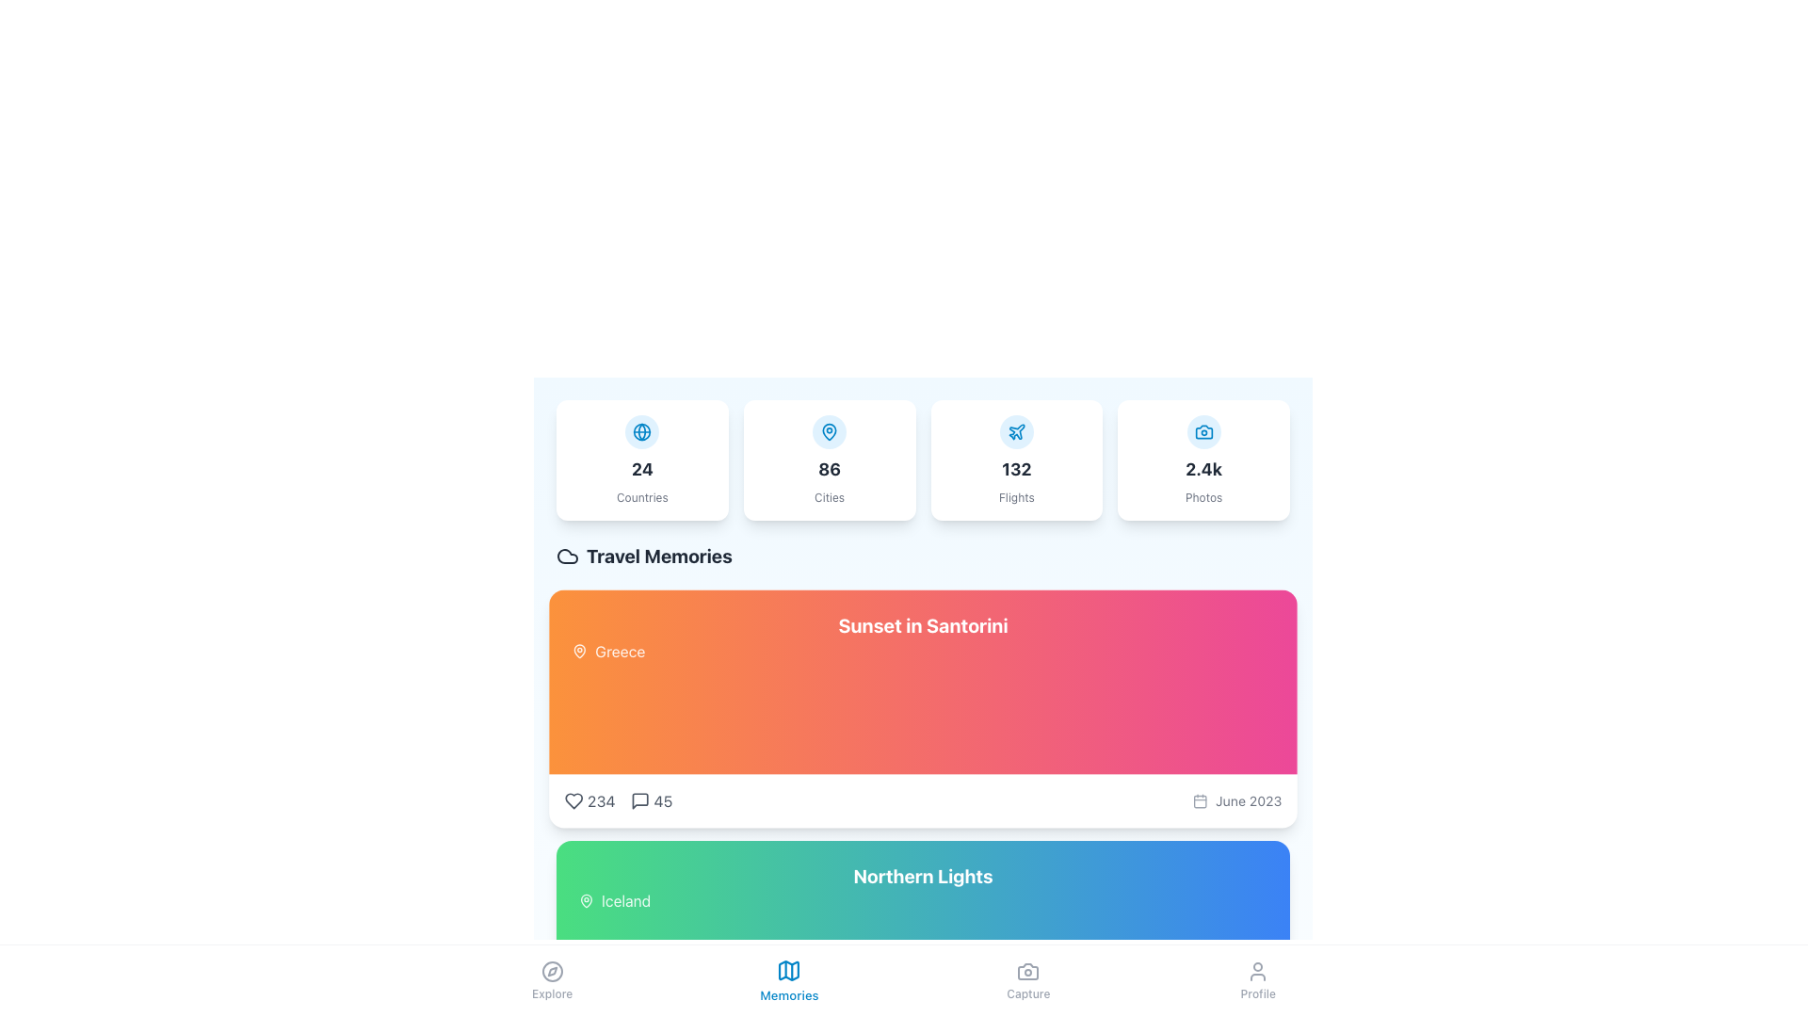  Describe the element at coordinates (1258, 972) in the screenshot. I see `the user profile icon, which is a silhouette outline located in the bottom navigation bar at the far-right position` at that location.